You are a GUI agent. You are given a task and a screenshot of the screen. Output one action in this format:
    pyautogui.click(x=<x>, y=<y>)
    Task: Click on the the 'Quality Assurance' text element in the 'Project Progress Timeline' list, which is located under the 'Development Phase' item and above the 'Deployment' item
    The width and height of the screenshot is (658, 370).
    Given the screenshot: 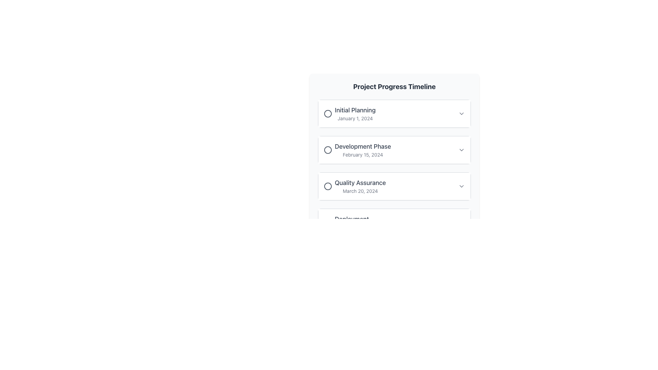 What is the action you would take?
    pyautogui.click(x=360, y=186)
    